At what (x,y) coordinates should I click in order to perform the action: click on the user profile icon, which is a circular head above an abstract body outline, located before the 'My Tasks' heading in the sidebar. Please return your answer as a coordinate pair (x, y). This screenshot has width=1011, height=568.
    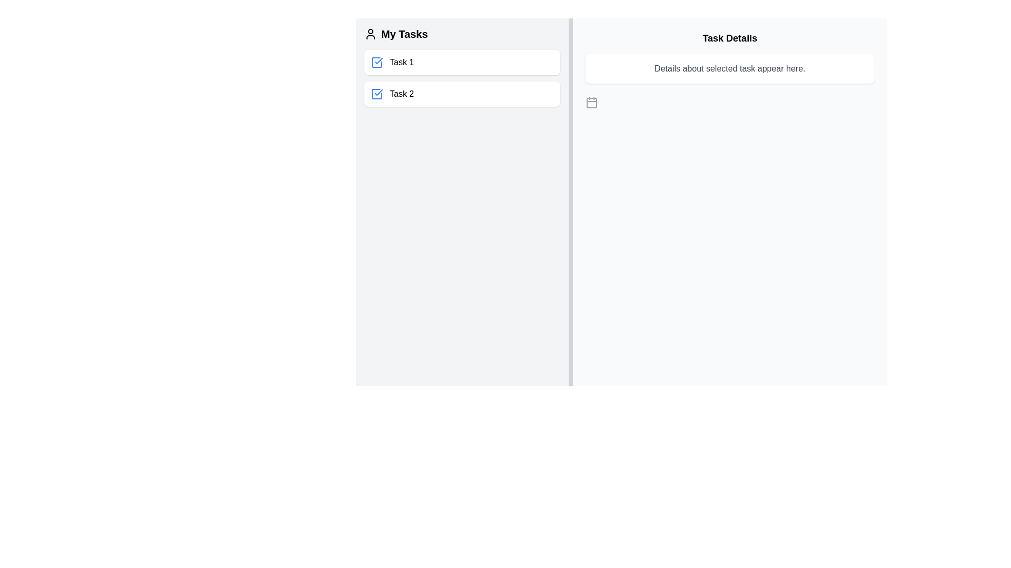
    Looking at the image, I should click on (371, 34).